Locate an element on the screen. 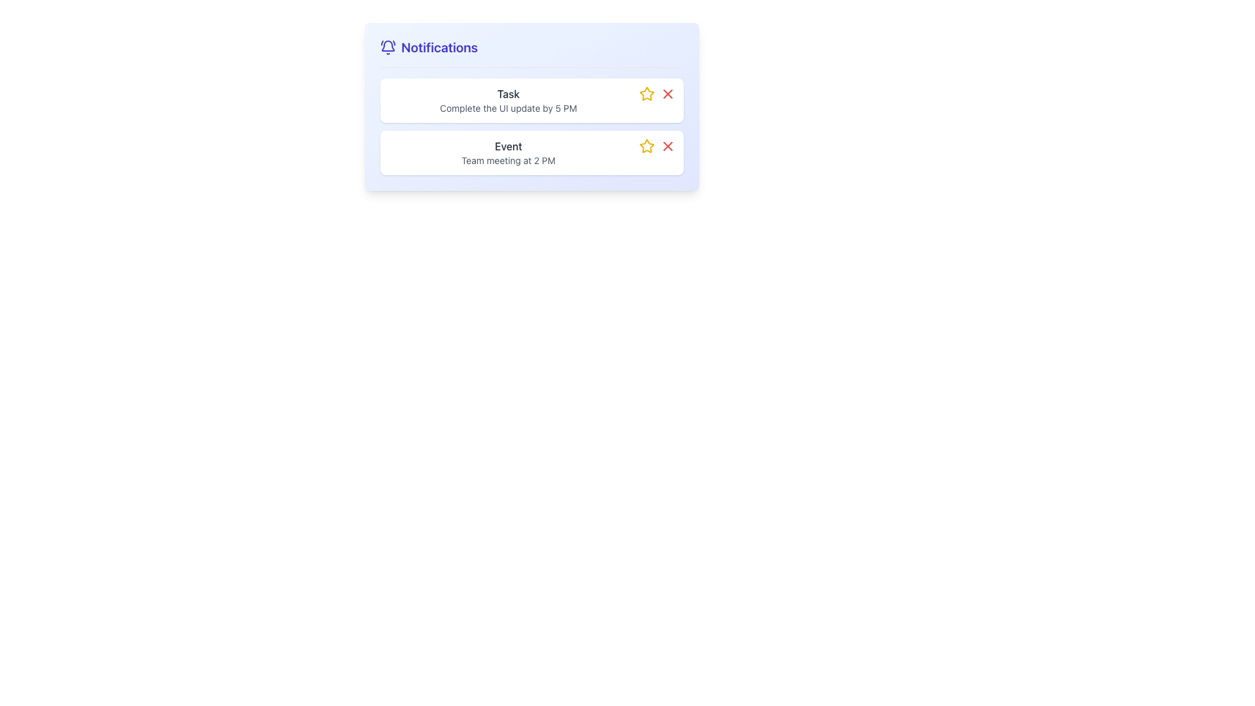  the close or delete button located at the far right of its group, next is located at coordinates (668, 146).